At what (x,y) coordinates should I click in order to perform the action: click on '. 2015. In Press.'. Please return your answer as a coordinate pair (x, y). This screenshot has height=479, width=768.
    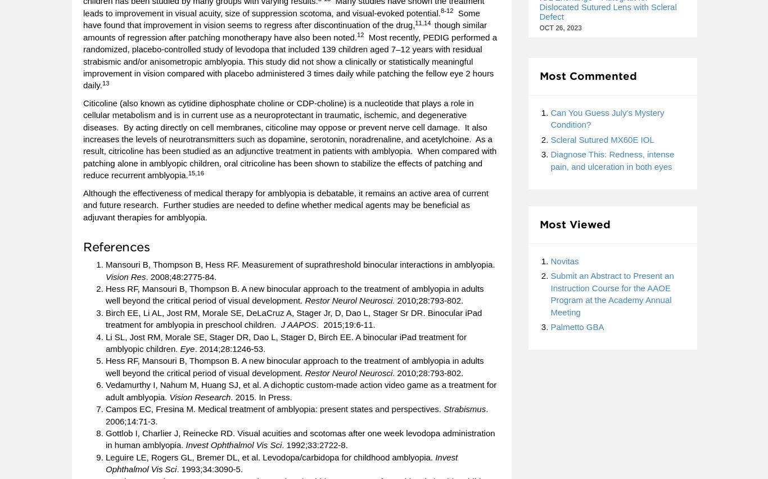
    Looking at the image, I should click on (261, 396).